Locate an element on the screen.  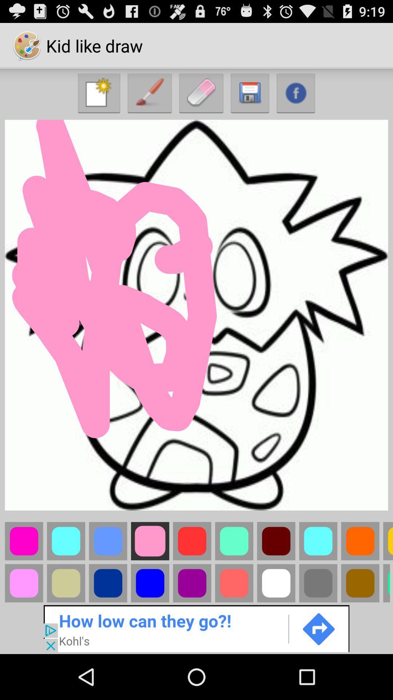
the advertised site is located at coordinates (196, 628).